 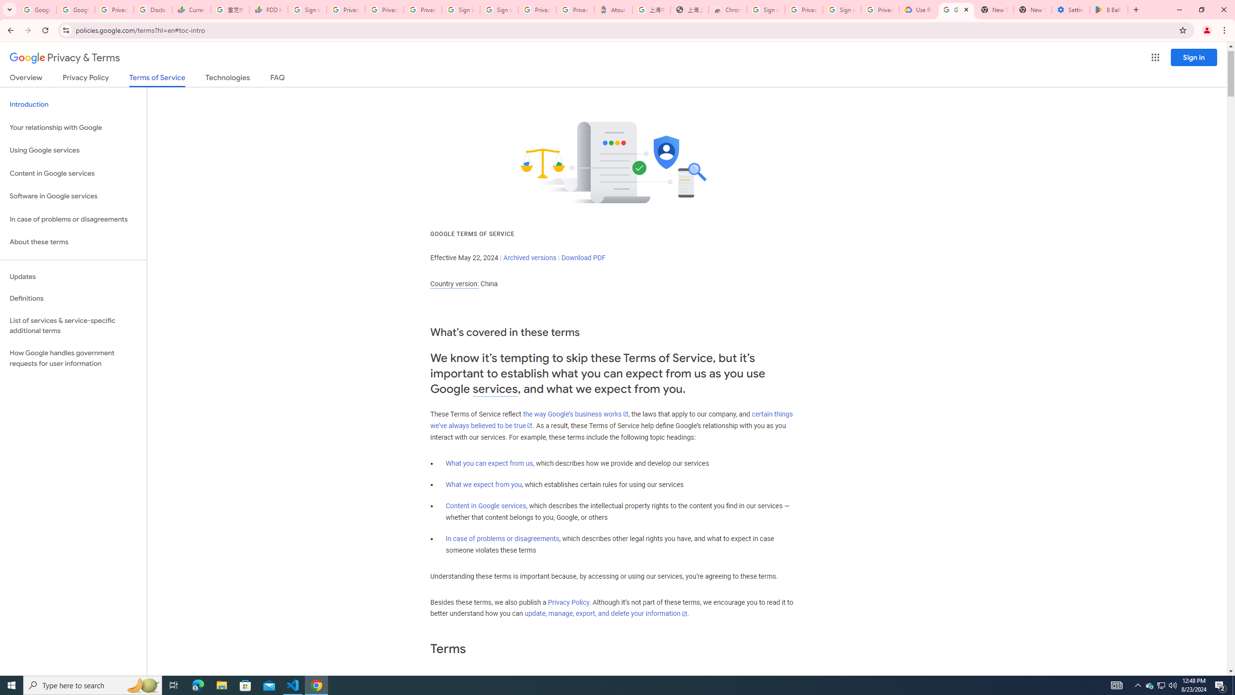 I want to click on 'Atour Hotel - Google hotels', so click(x=613, y=9).